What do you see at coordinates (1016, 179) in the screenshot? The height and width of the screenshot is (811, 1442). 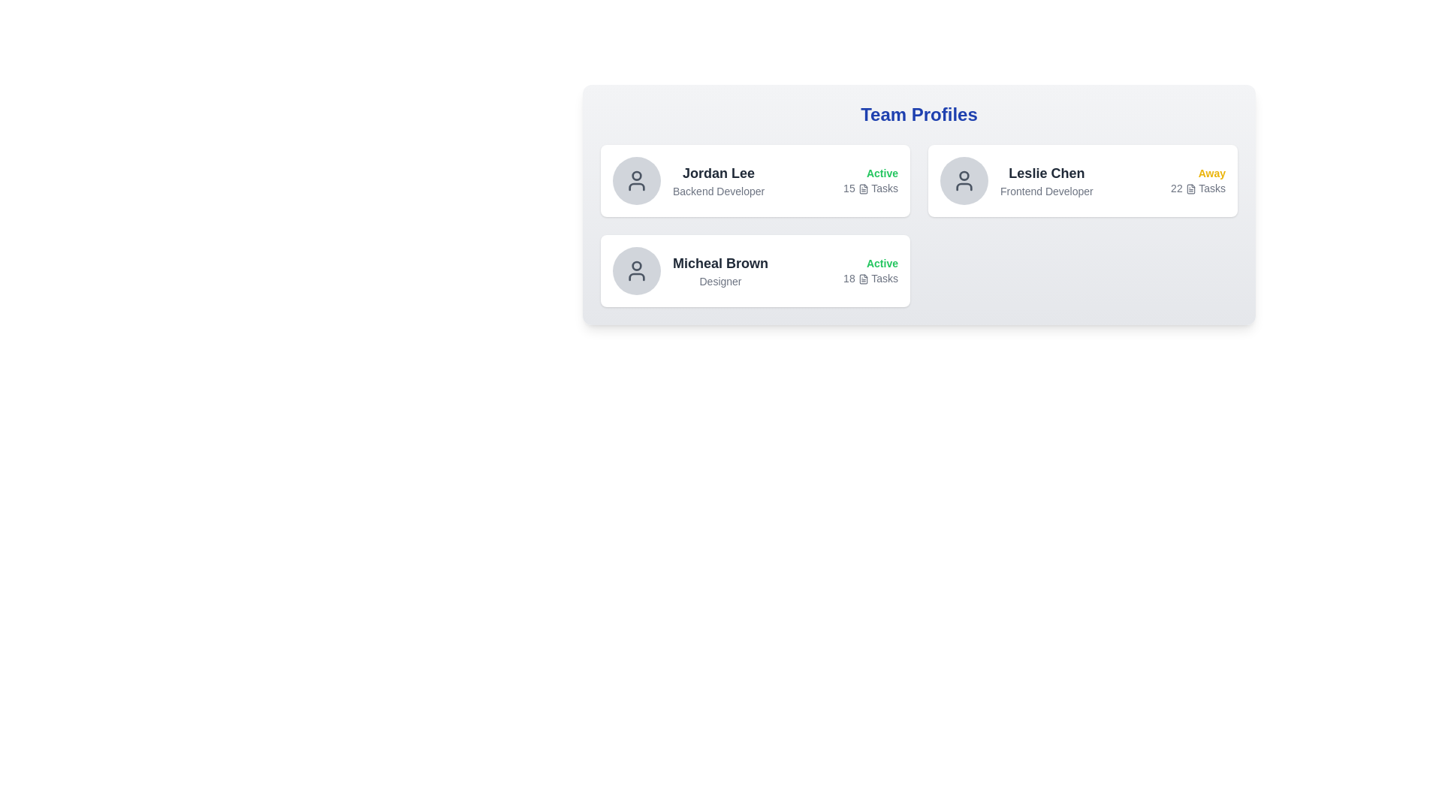 I see `the information display component for 'Leslie Chen', a Frontend Developer, which is the second item in the Team Profiles section` at bounding box center [1016, 179].